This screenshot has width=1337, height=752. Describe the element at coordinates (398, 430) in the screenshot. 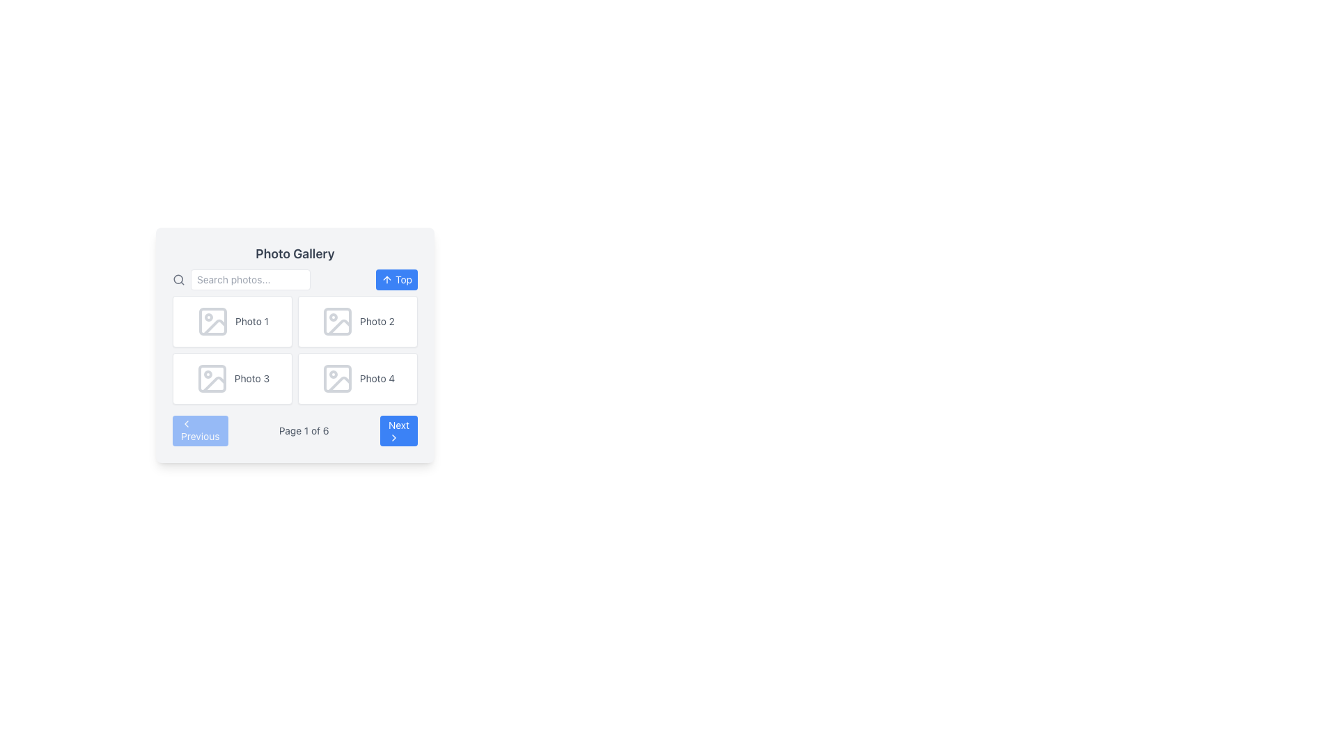

I see `the blue 'Next' button with white text and a forward arrow icon` at that location.